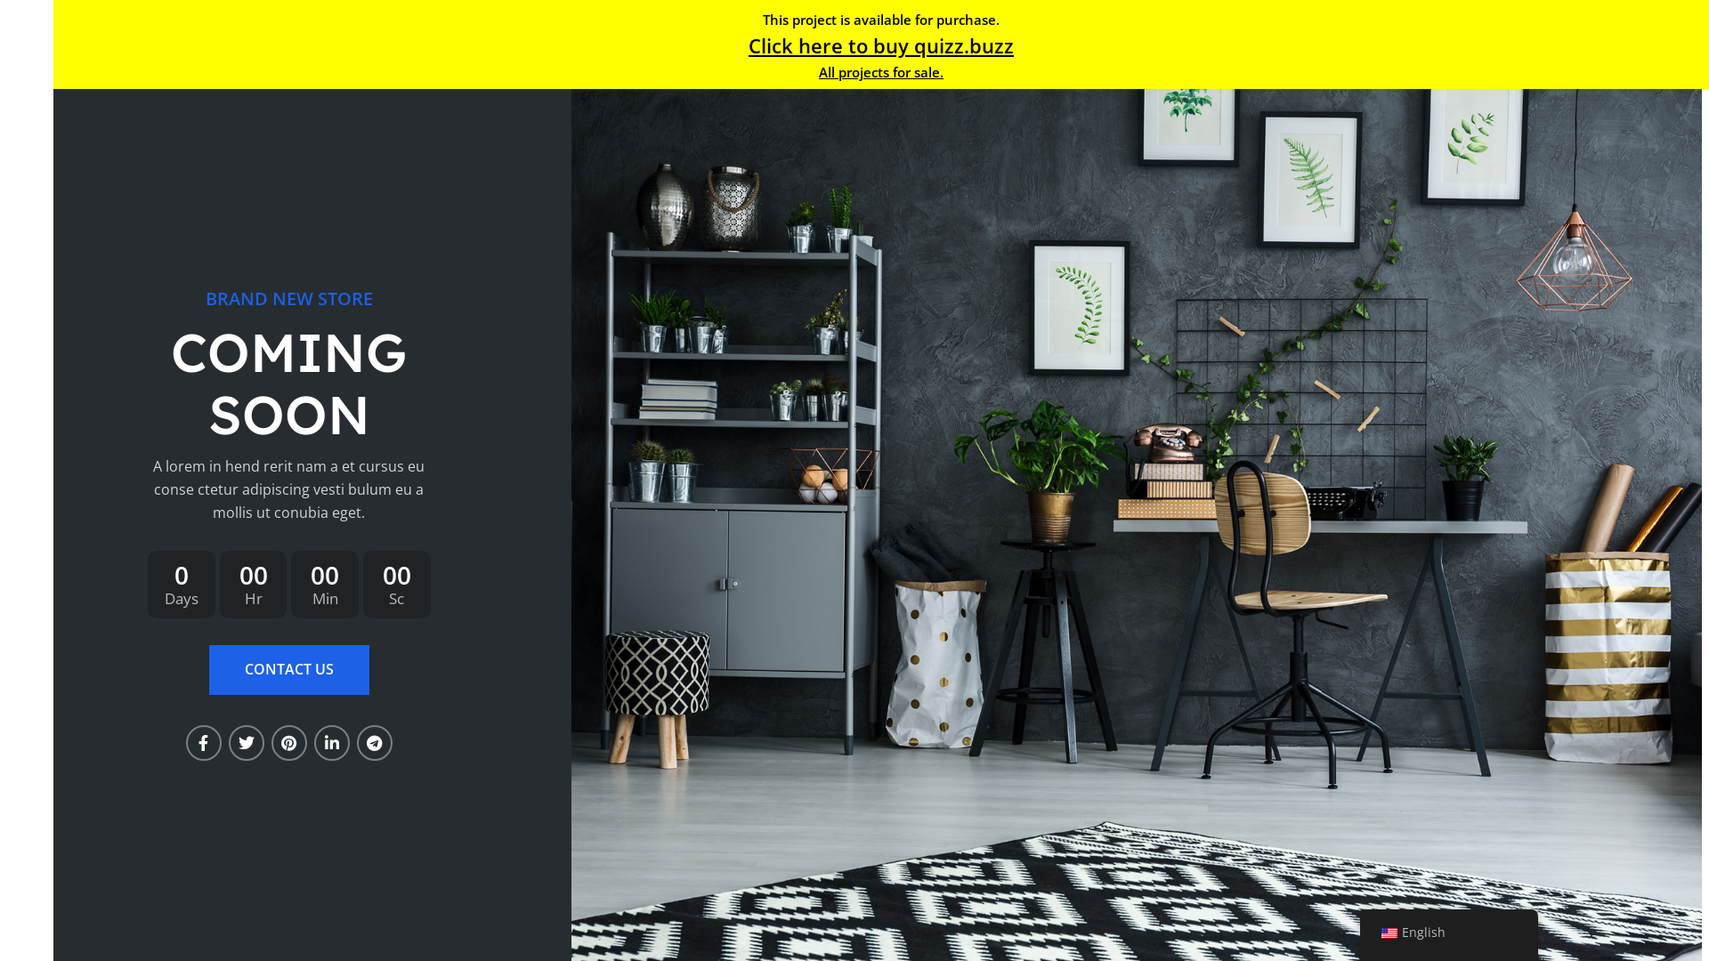 The image size is (1709, 961). I want to click on 'English', so click(1448, 933).